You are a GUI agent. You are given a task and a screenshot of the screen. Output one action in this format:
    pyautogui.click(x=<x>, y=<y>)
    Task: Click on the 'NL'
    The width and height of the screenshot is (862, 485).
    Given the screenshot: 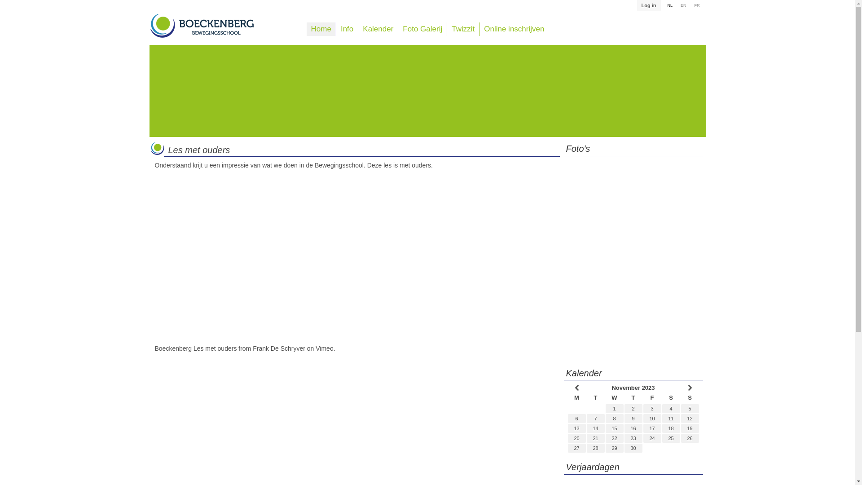 What is the action you would take?
    pyautogui.click(x=670, y=5)
    